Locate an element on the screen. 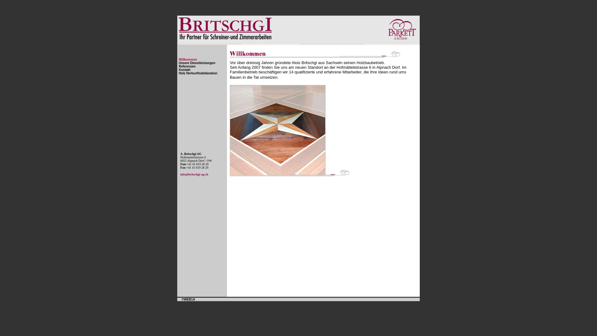 The height and width of the screenshot is (336, 597). 'Holz Herkunftsdeklaration' is located at coordinates (198, 73).